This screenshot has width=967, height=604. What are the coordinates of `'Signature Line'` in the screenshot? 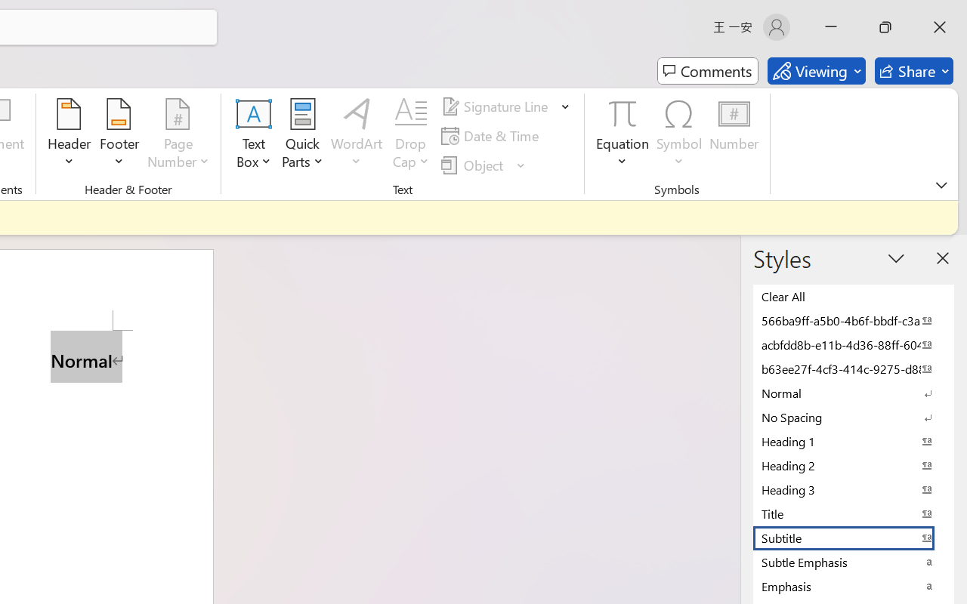 It's located at (497, 106).